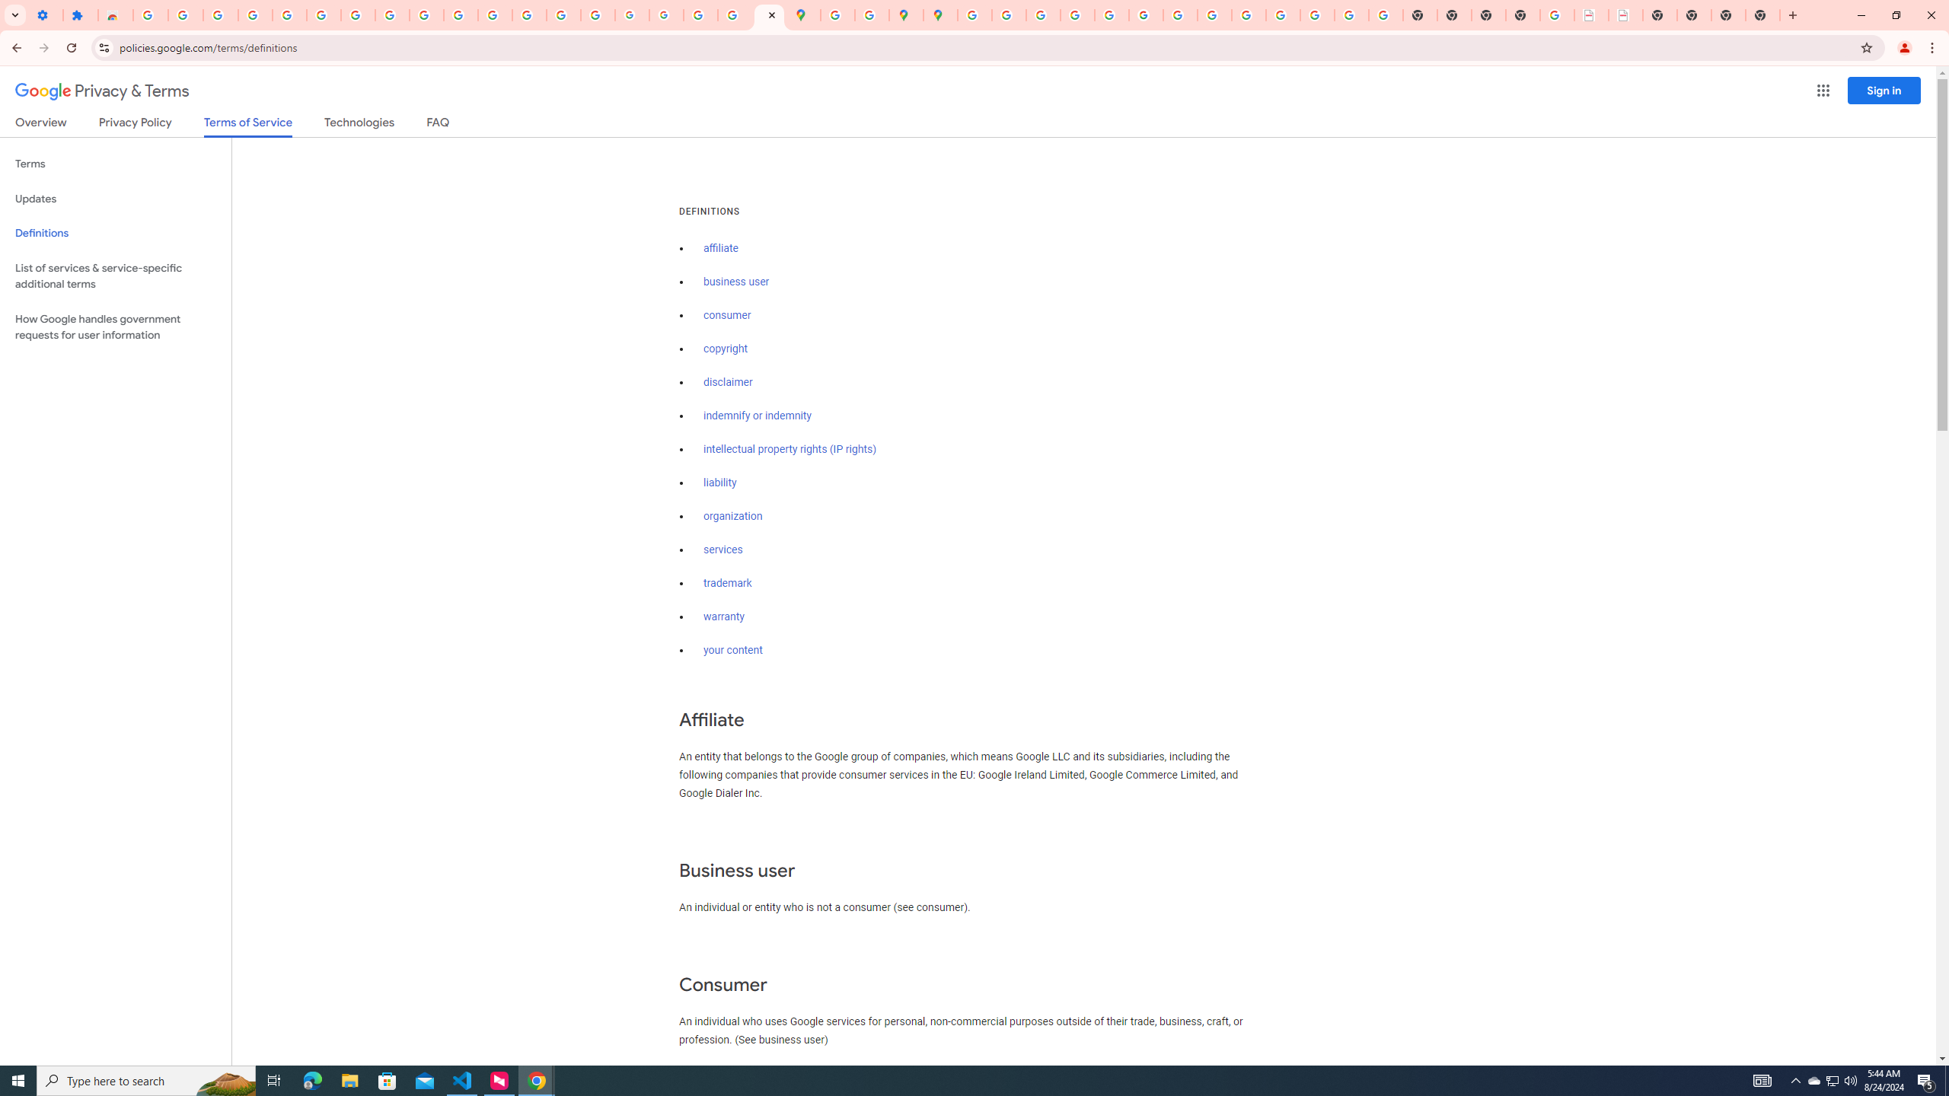 The width and height of the screenshot is (1949, 1096). What do you see at coordinates (1077, 14) in the screenshot?
I see `'Privacy Help Center - Policies Help'` at bounding box center [1077, 14].